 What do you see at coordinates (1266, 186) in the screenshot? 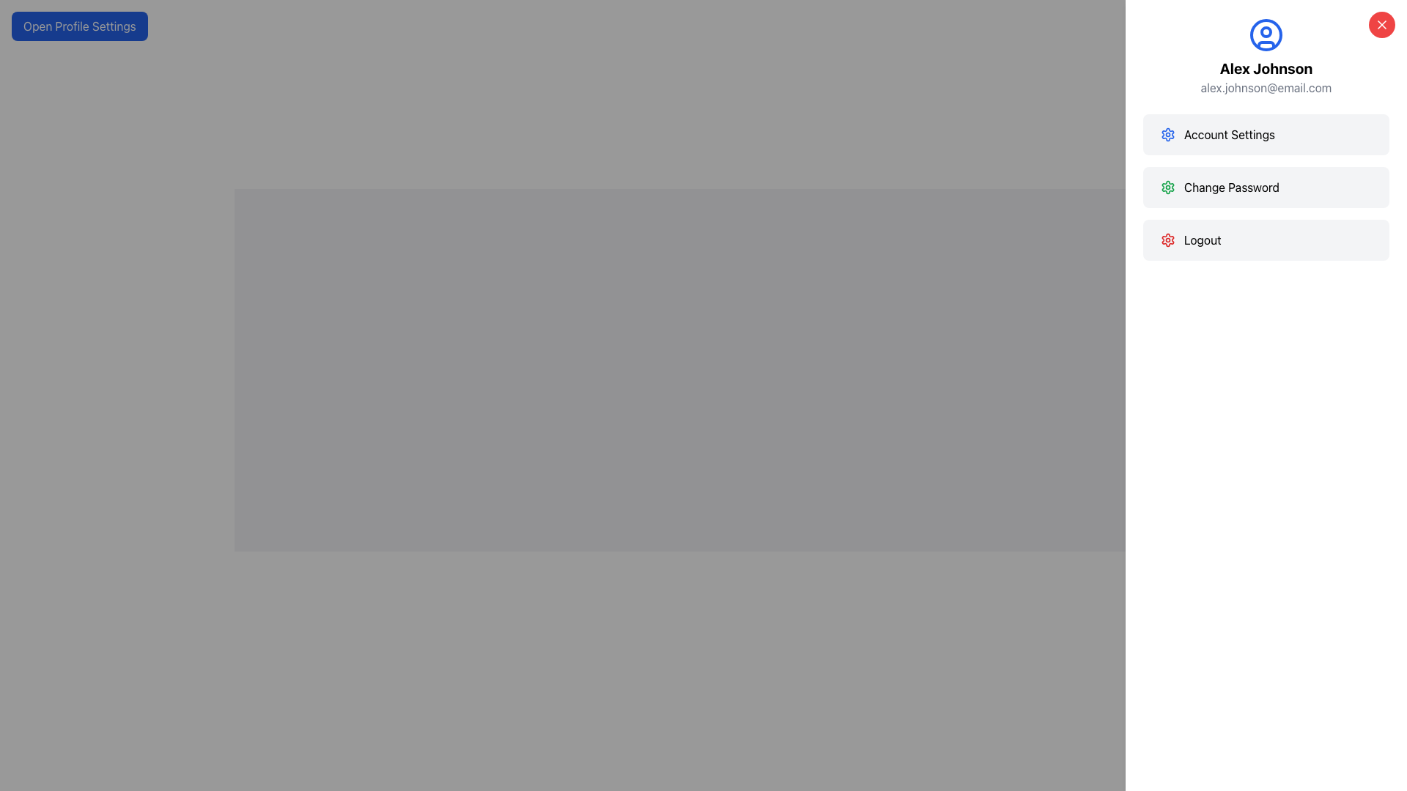
I see `the button for changing the password, which is located in the right-hand panel between 'Account Settings' and 'Logout'` at bounding box center [1266, 186].